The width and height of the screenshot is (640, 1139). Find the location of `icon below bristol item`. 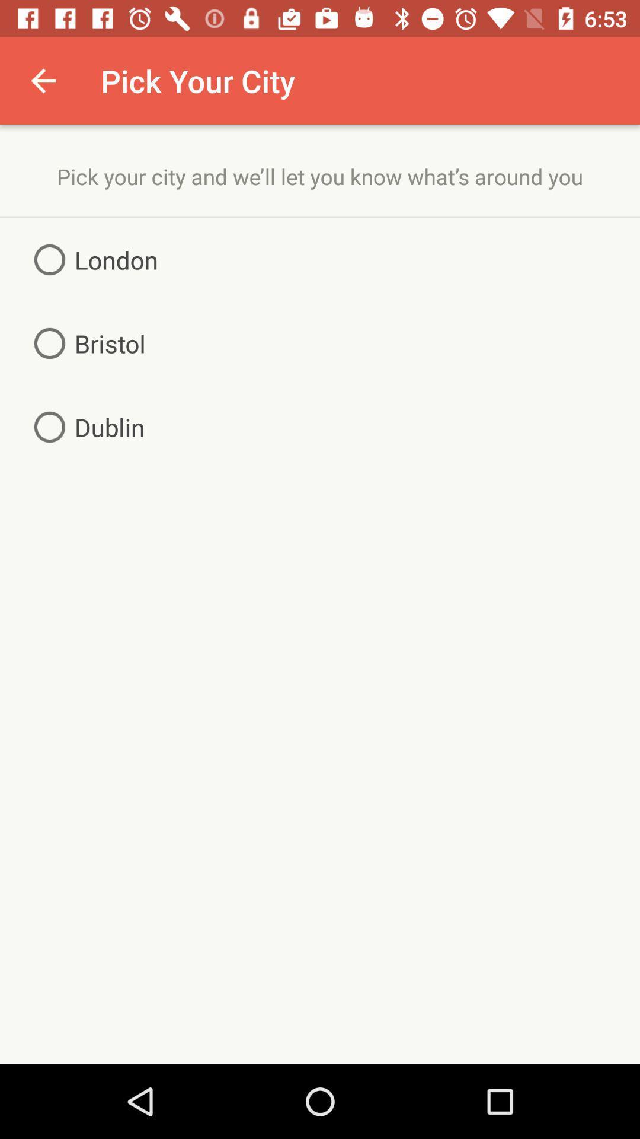

icon below bristol item is located at coordinates (84, 427).